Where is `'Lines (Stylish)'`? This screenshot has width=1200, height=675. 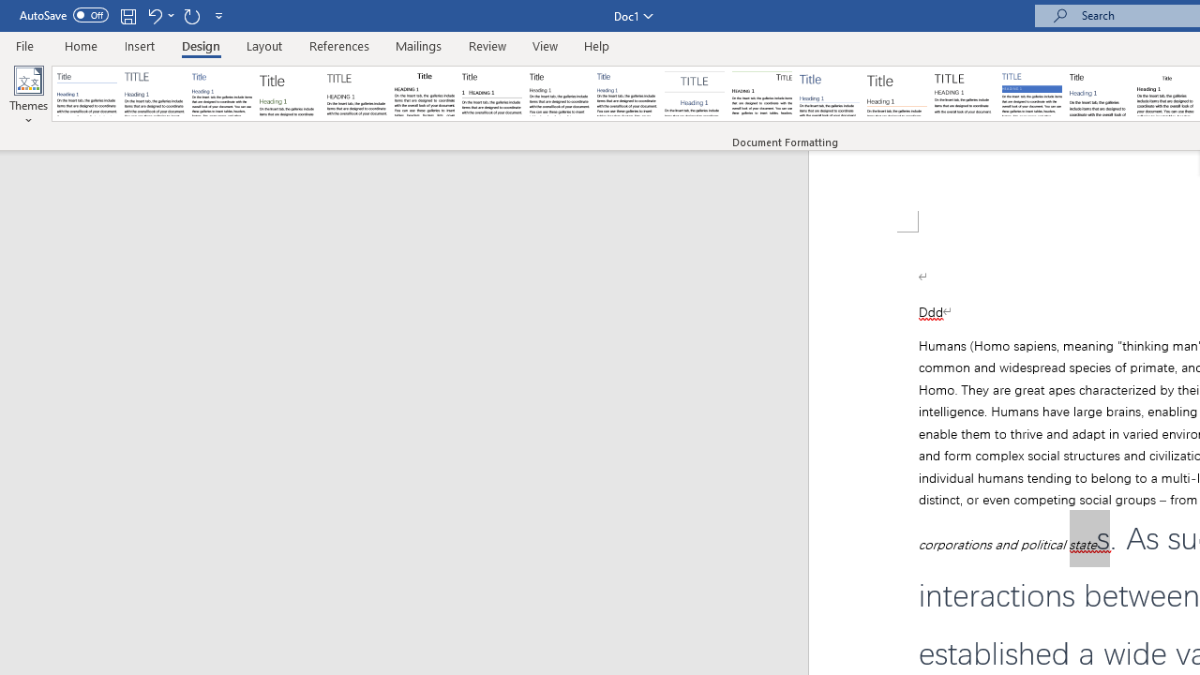
'Lines (Stylish)' is located at coordinates (896, 94).